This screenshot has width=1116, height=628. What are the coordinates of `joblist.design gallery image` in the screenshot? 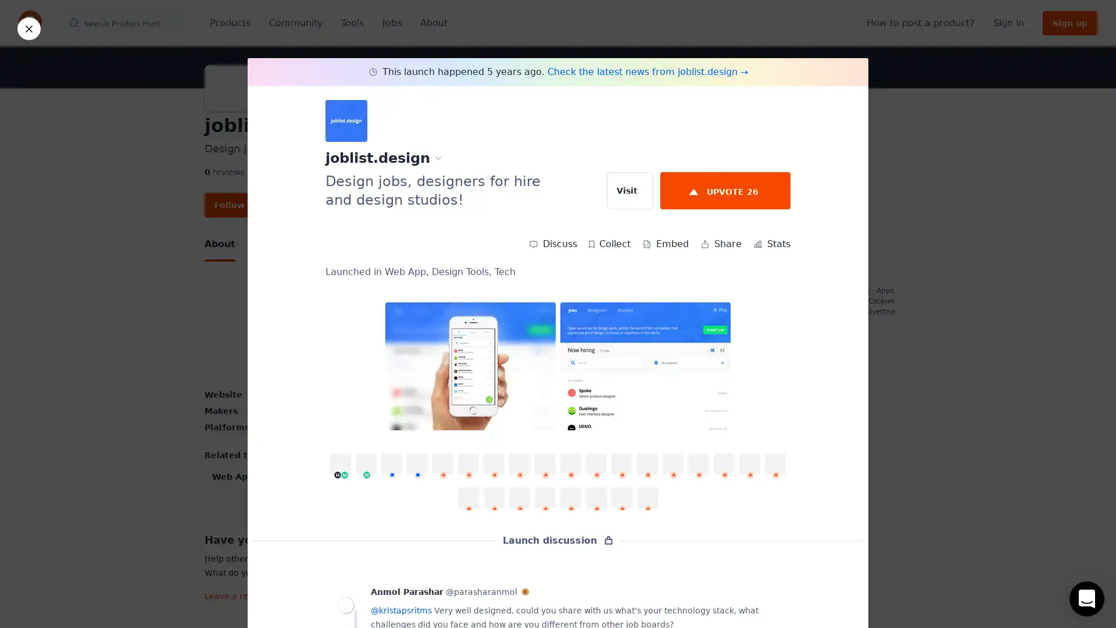 It's located at (645, 365).